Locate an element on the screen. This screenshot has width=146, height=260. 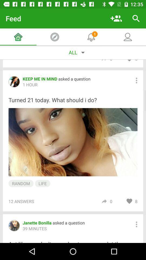
the app to the right of the feed item is located at coordinates (116, 18).